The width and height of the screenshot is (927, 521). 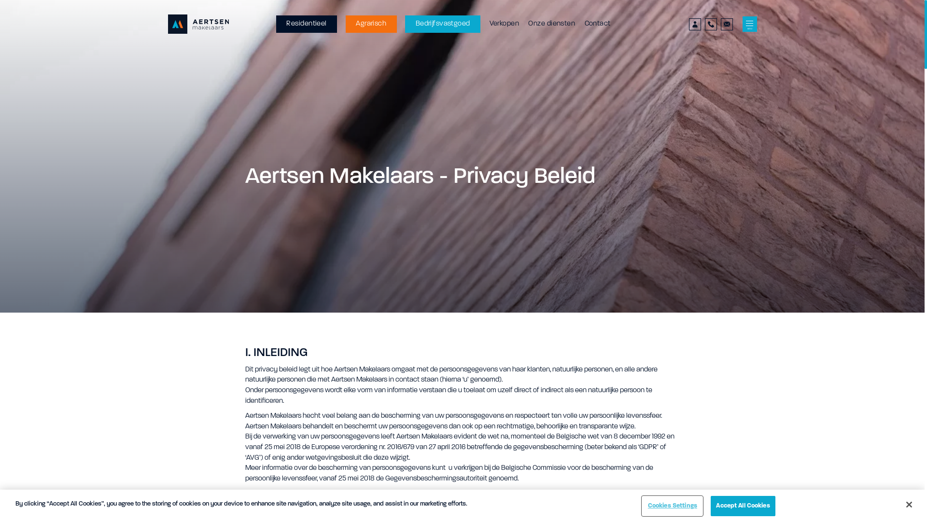 I want to click on 'Je houvast in vastgoed.', so click(x=198, y=24).